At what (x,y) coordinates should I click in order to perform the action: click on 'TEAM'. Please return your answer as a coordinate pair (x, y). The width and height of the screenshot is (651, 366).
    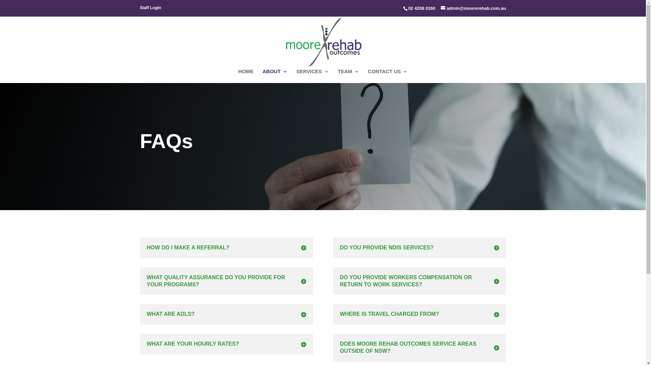
    Looking at the image, I should click on (348, 76).